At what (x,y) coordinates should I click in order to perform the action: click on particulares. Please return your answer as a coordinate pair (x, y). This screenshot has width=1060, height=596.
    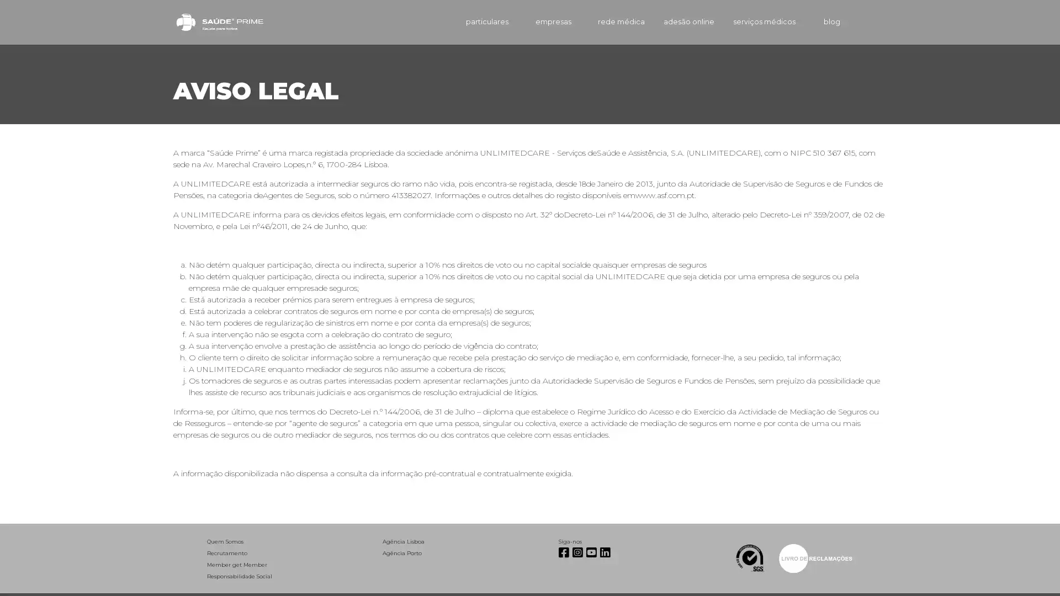
    Looking at the image, I should click on (469, 22).